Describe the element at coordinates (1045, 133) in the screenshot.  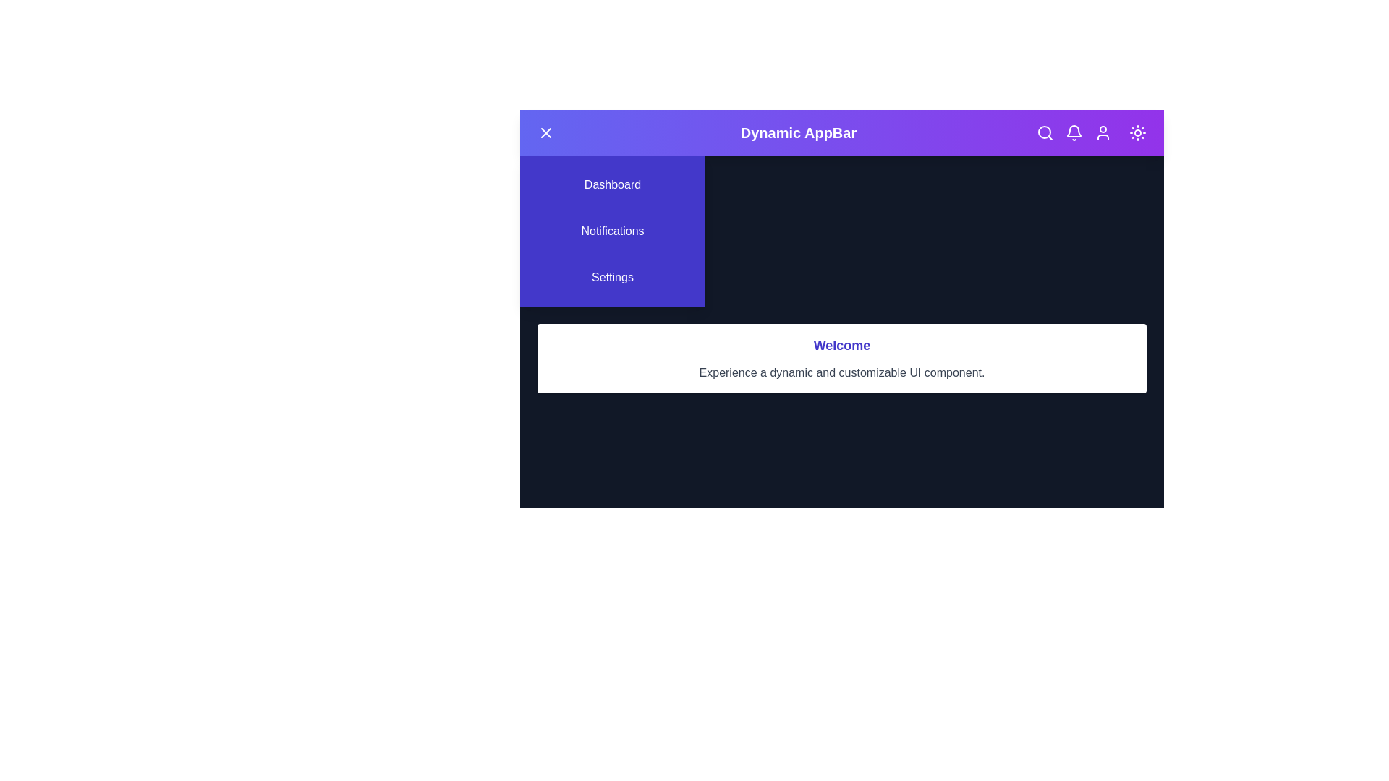
I see `the search icon in the app bar` at that location.